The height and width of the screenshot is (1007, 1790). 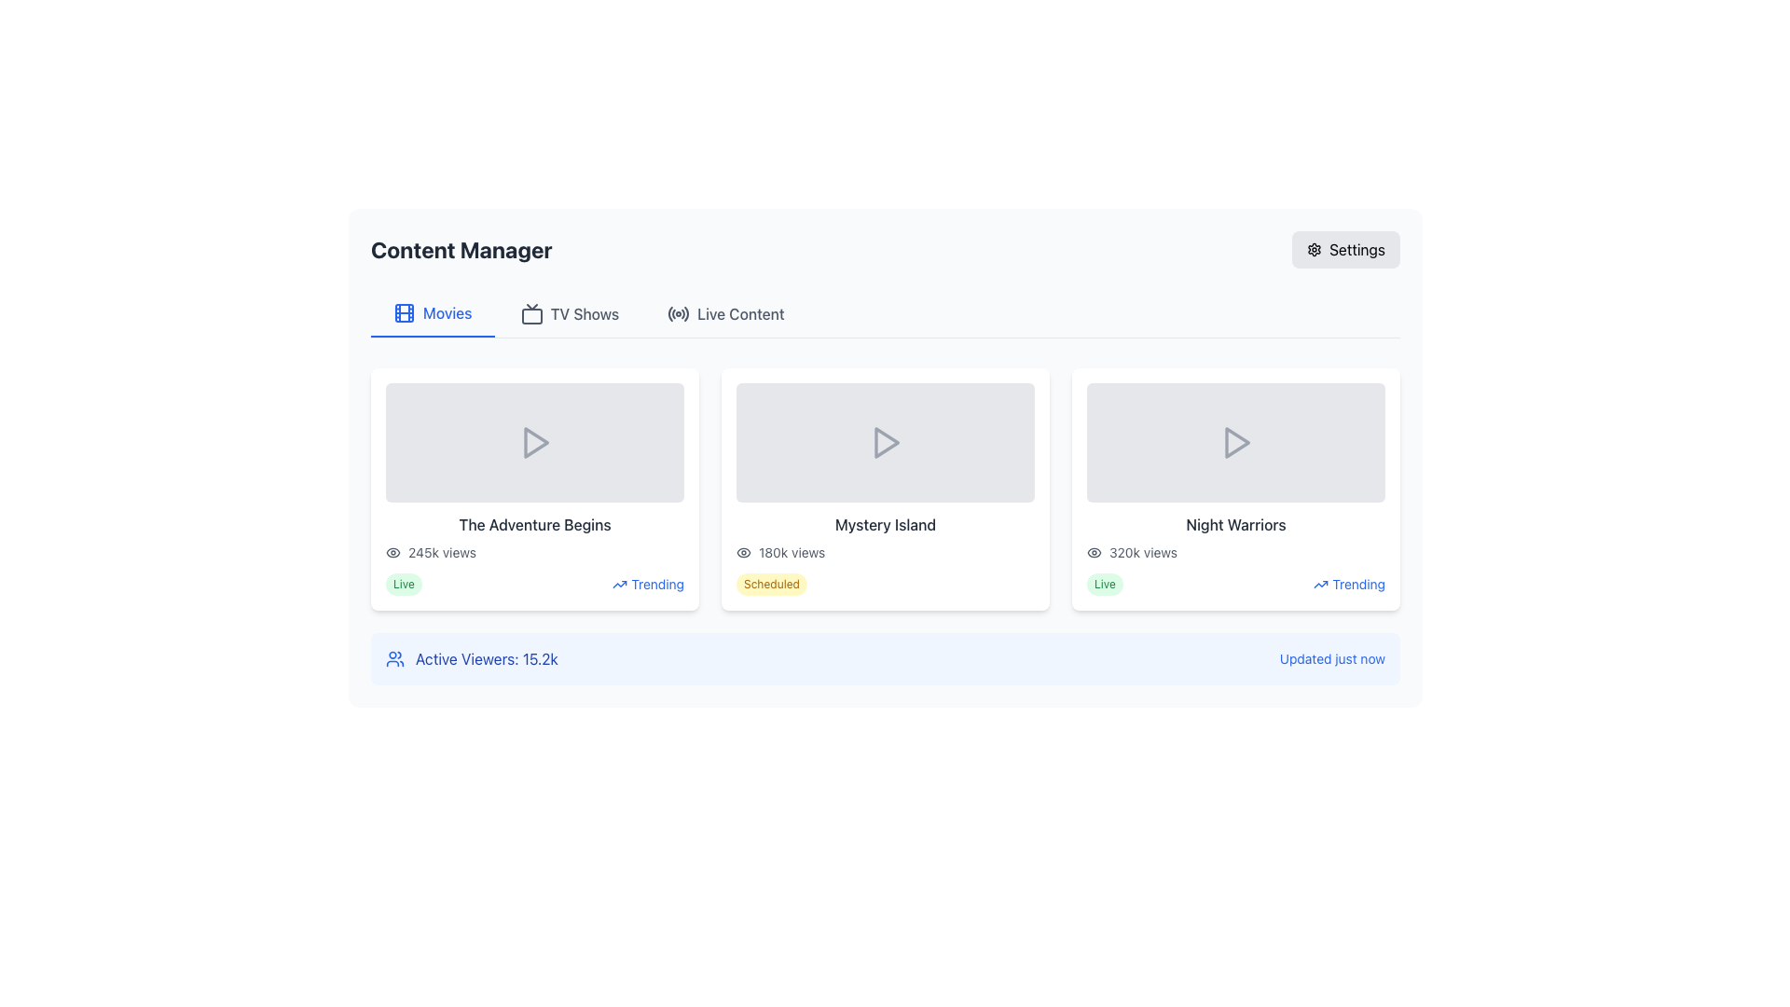 What do you see at coordinates (1235, 442) in the screenshot?
I see `the interactive play icon located at the top of its card representation, which serves as the primary interaction point for media playback` at bounding box center [1235, 442].